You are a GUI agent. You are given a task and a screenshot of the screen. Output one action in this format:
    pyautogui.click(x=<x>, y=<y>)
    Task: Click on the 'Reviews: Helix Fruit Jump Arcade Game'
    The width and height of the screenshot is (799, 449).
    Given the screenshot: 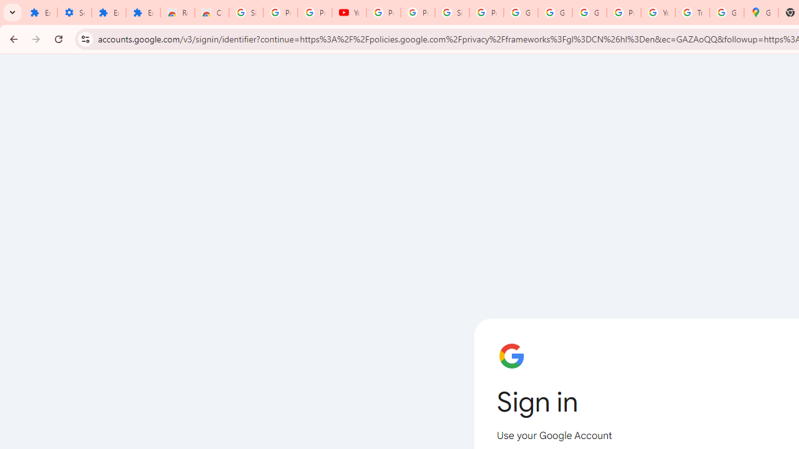 What is the action you would take?
    pyautogui.click(x=177, y=12)
    